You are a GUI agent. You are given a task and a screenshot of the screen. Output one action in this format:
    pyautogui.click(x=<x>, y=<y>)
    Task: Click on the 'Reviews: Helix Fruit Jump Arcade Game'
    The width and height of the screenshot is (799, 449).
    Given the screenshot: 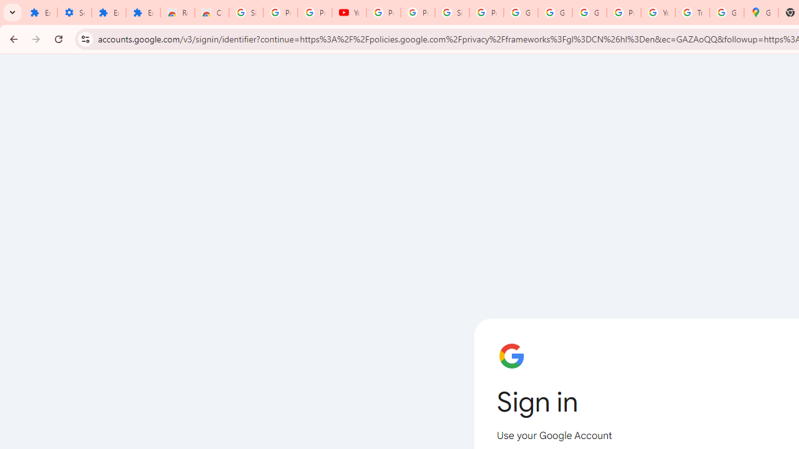 What is the action you would take?
    pyautogui.click(x=177, y=12)
    